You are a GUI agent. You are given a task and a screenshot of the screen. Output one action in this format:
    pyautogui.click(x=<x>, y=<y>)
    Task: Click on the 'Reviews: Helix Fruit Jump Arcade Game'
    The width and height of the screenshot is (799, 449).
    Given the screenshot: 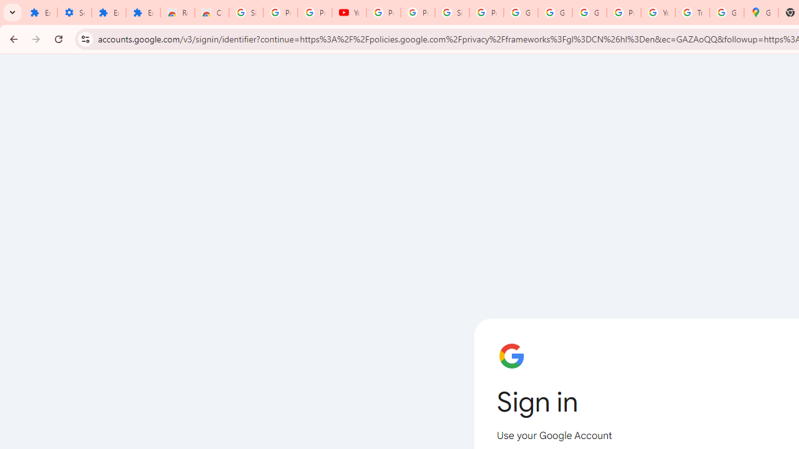 What is the action you would take?
    pyautogui.click(x=177, y=12)
    